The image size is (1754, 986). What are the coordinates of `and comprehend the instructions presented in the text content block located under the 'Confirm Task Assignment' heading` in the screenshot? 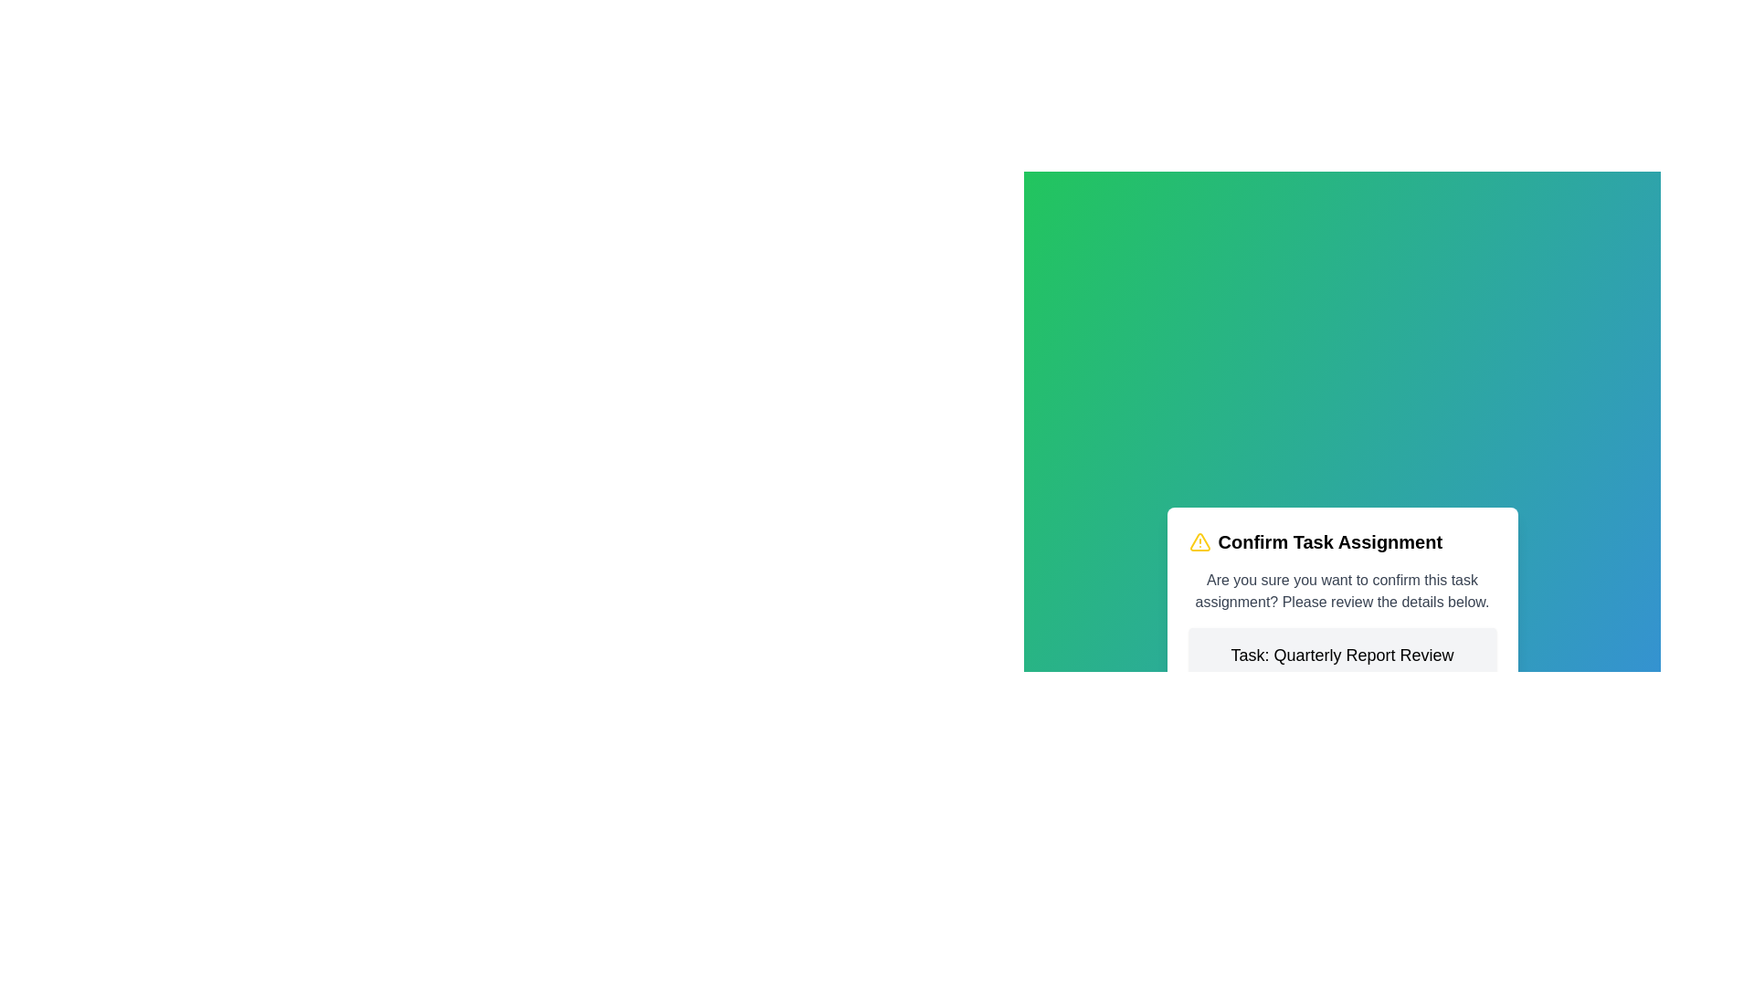 It's located at (1342, 592).